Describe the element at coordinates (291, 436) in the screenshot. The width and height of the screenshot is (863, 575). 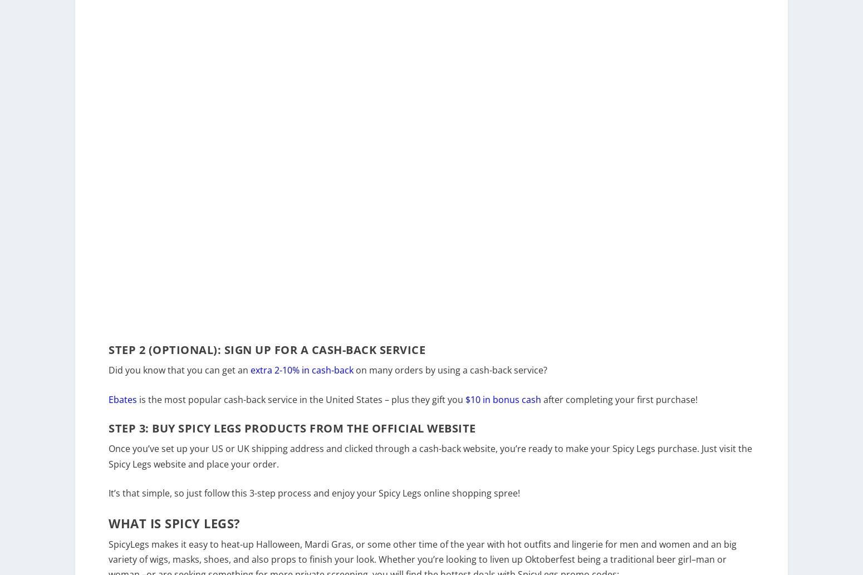
I see `'Step 3: Buy Spicy Legs Products from the Official Website'` at that location.